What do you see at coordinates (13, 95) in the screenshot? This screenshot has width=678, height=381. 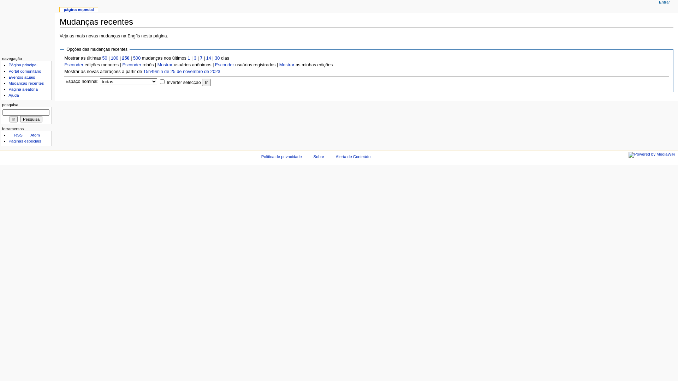 I see `'Ajuda'` at bounding box center [13, 95].